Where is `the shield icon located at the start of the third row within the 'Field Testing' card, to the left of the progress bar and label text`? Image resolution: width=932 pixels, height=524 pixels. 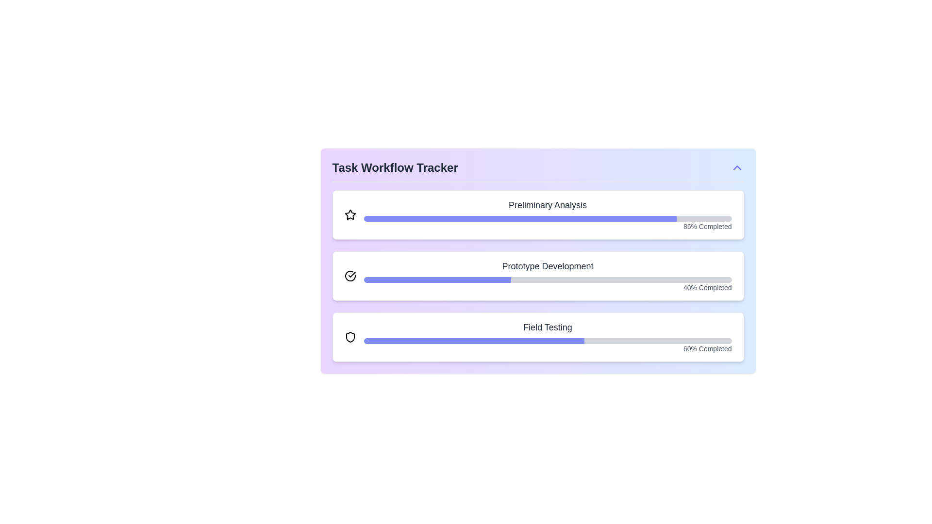 the shield icon located at the start of the third row within the 'Field Testing' card, to the left of the progress bar and label text is located at coordinates (349, 336).